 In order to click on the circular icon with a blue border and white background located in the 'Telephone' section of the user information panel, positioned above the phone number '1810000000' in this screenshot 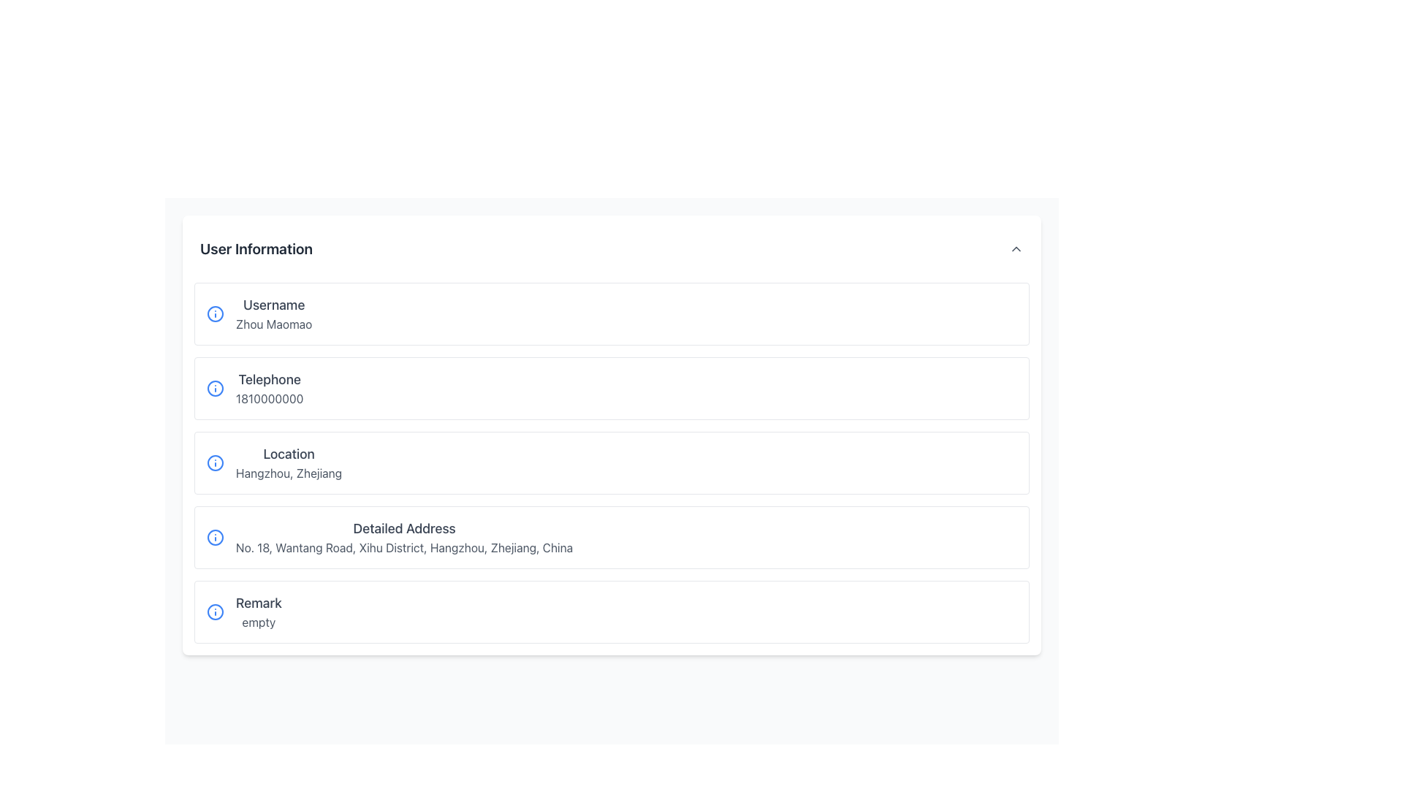, I will do `click(214, 388)`.